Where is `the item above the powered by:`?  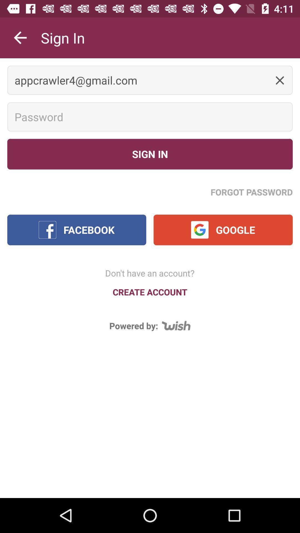 the item above the powered by: is located at coordinates (150, 292).